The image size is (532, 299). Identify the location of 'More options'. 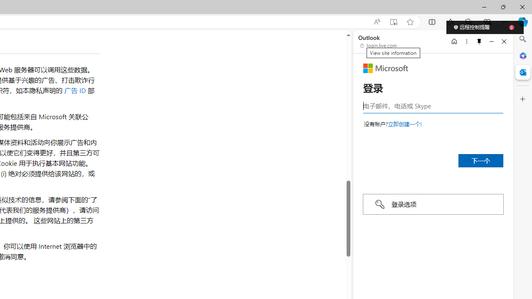
(466, 41).